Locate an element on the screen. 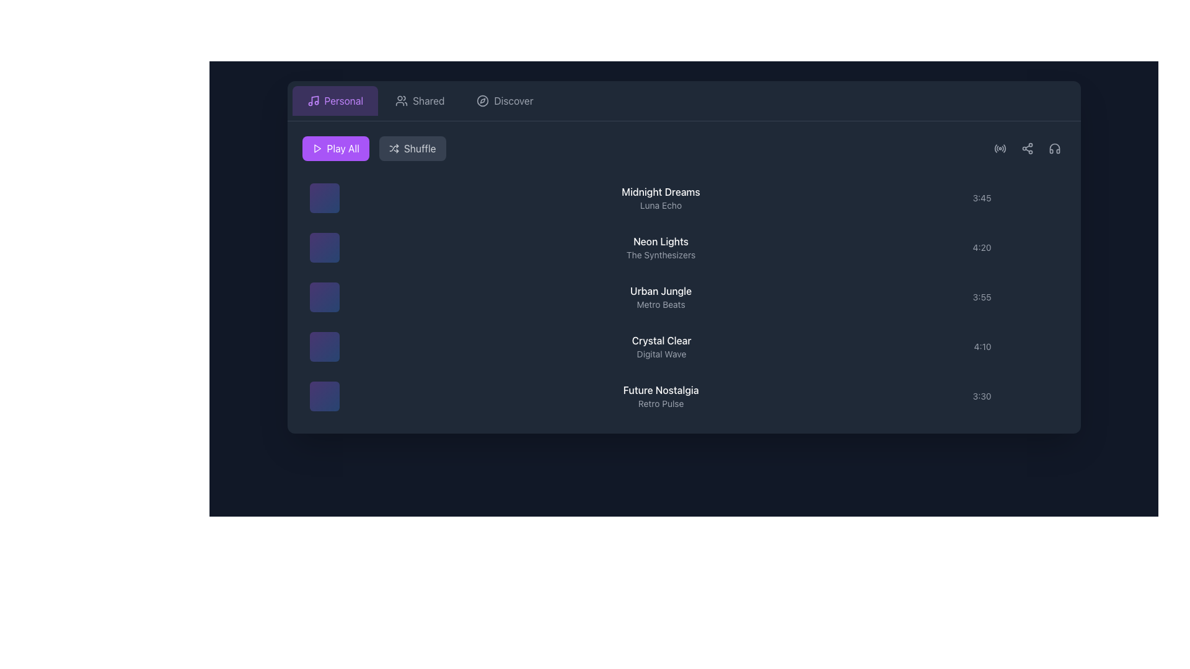  the text label within the shuffle functionality button is located at coordinates (420, 147).